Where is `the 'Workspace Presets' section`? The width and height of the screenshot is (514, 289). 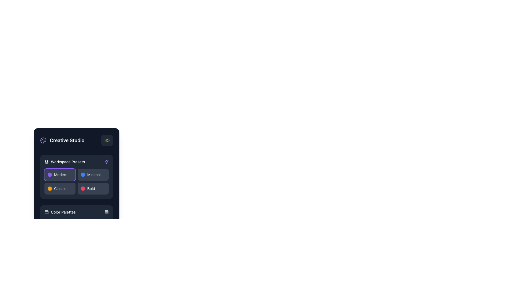 the 'Workspace Presets' section is located at coordinates (76, 177).